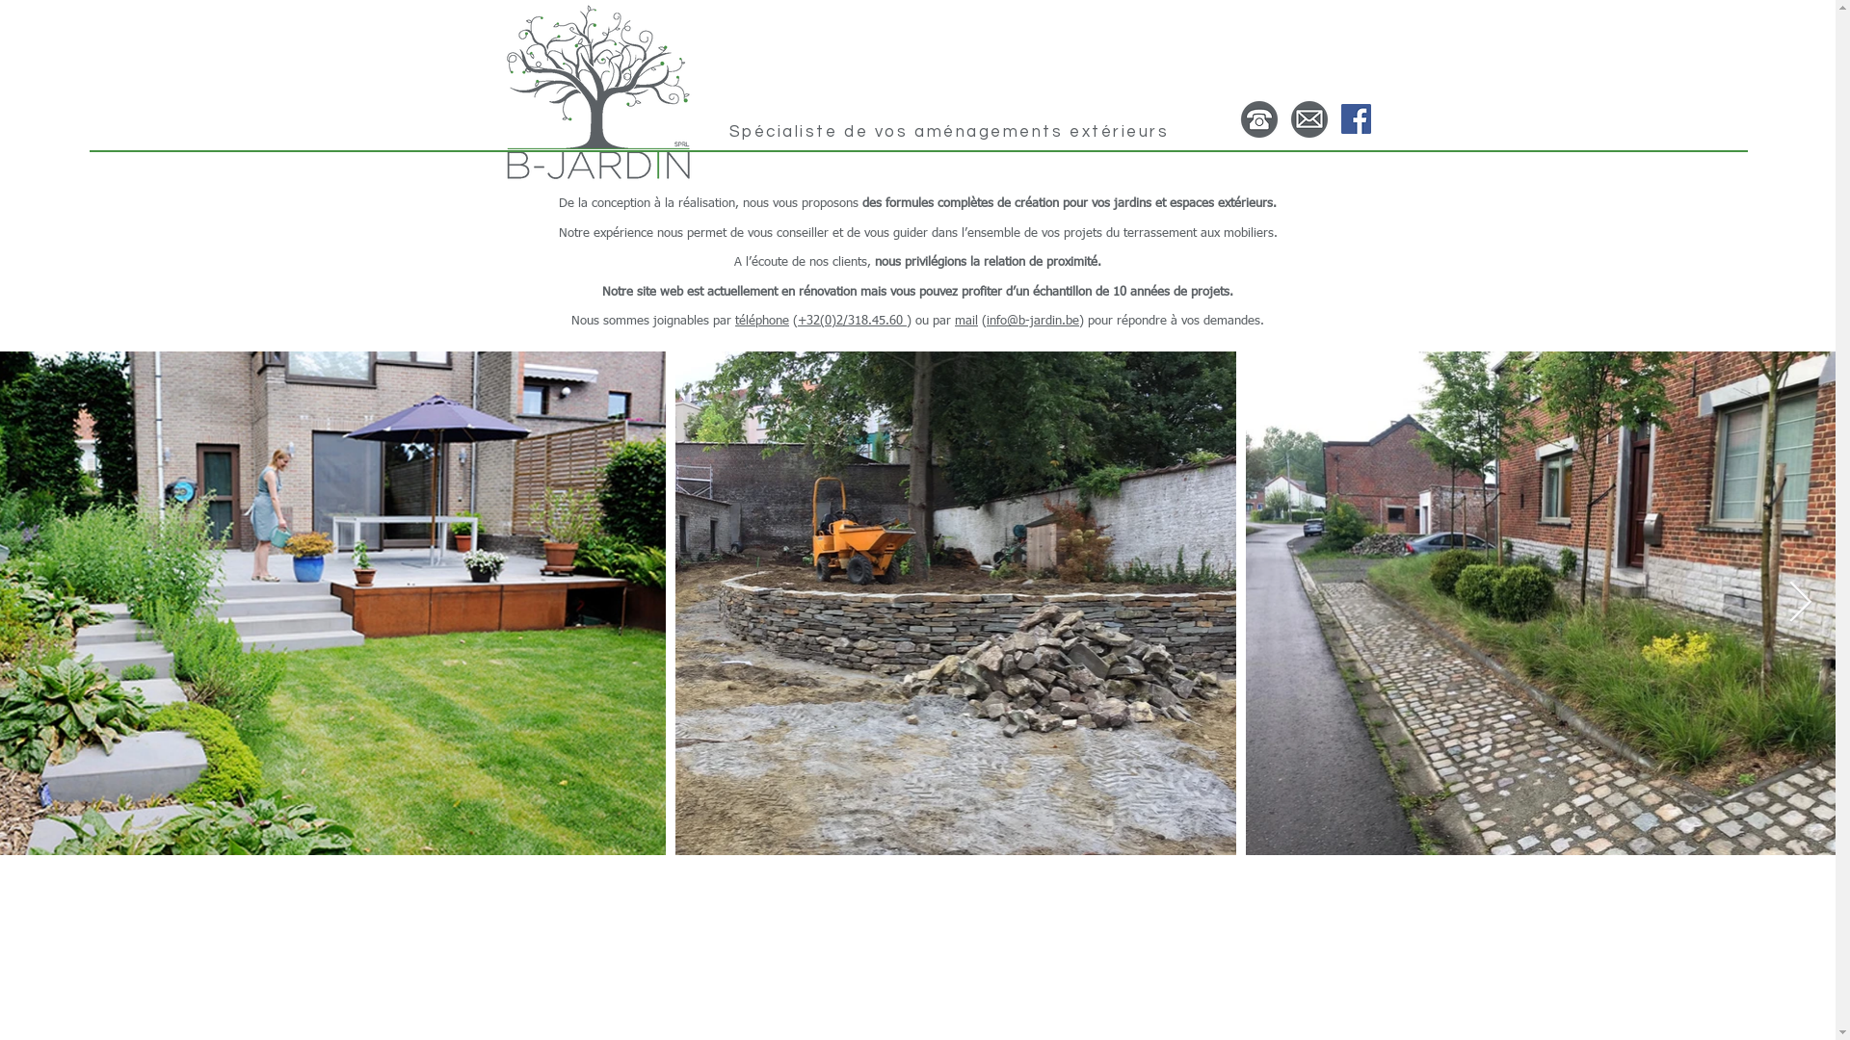 The height and width of the screenshot is (1040, 1850). Describe the element at coordinates (798, 320) in the screenshot. I see `'+32(0)2/'` at that location.